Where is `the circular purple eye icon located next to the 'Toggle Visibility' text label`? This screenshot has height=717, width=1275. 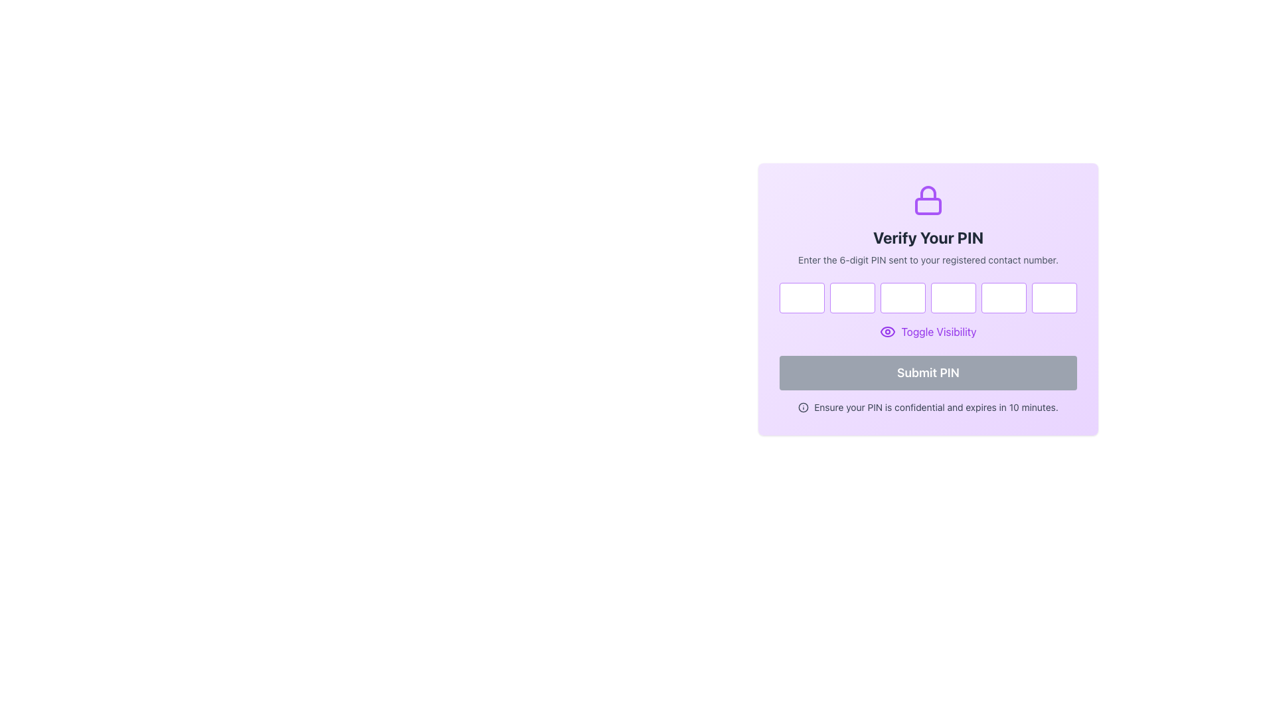
the circular purple eye icon located next to the 'Toggle Visibility' text label is located at coordinates (888, 331).